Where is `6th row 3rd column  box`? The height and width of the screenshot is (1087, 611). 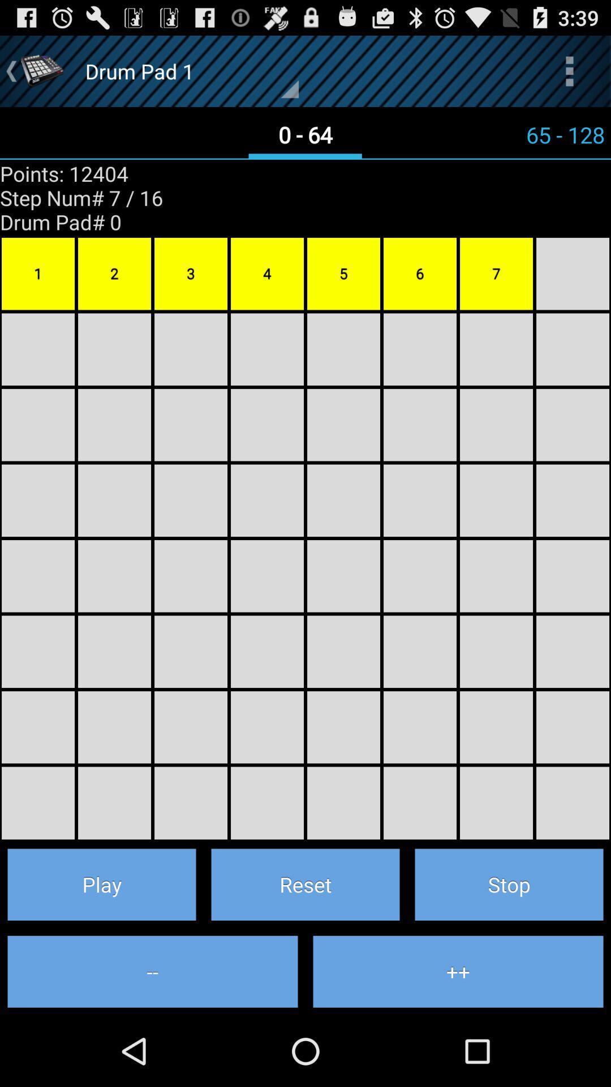 6th row 3rd column  box is located at coordinates (190, 727).